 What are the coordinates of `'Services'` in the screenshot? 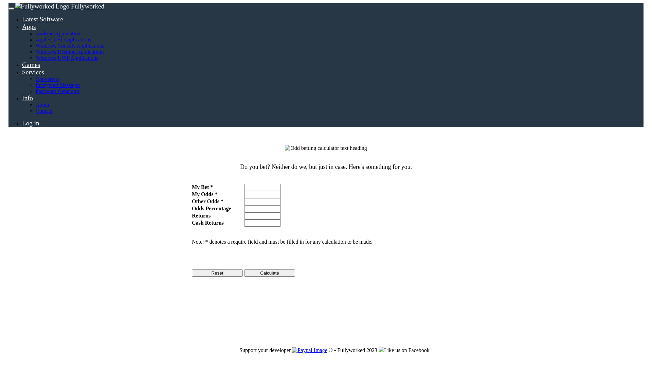 It's located at (33, 67).